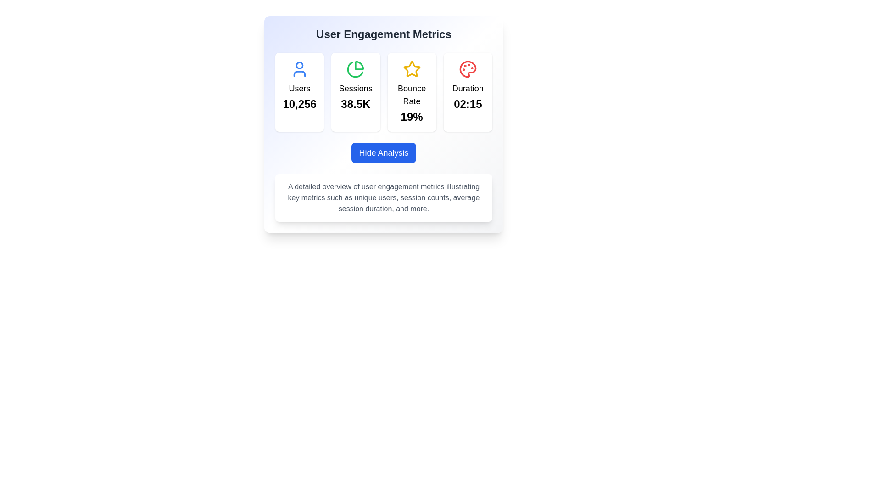  Describe the element at coordinates (355, 88) in the screenshot. I see `the 'Sessions' label above the value '38.5K' in the dashboard to interact with it` at that location.